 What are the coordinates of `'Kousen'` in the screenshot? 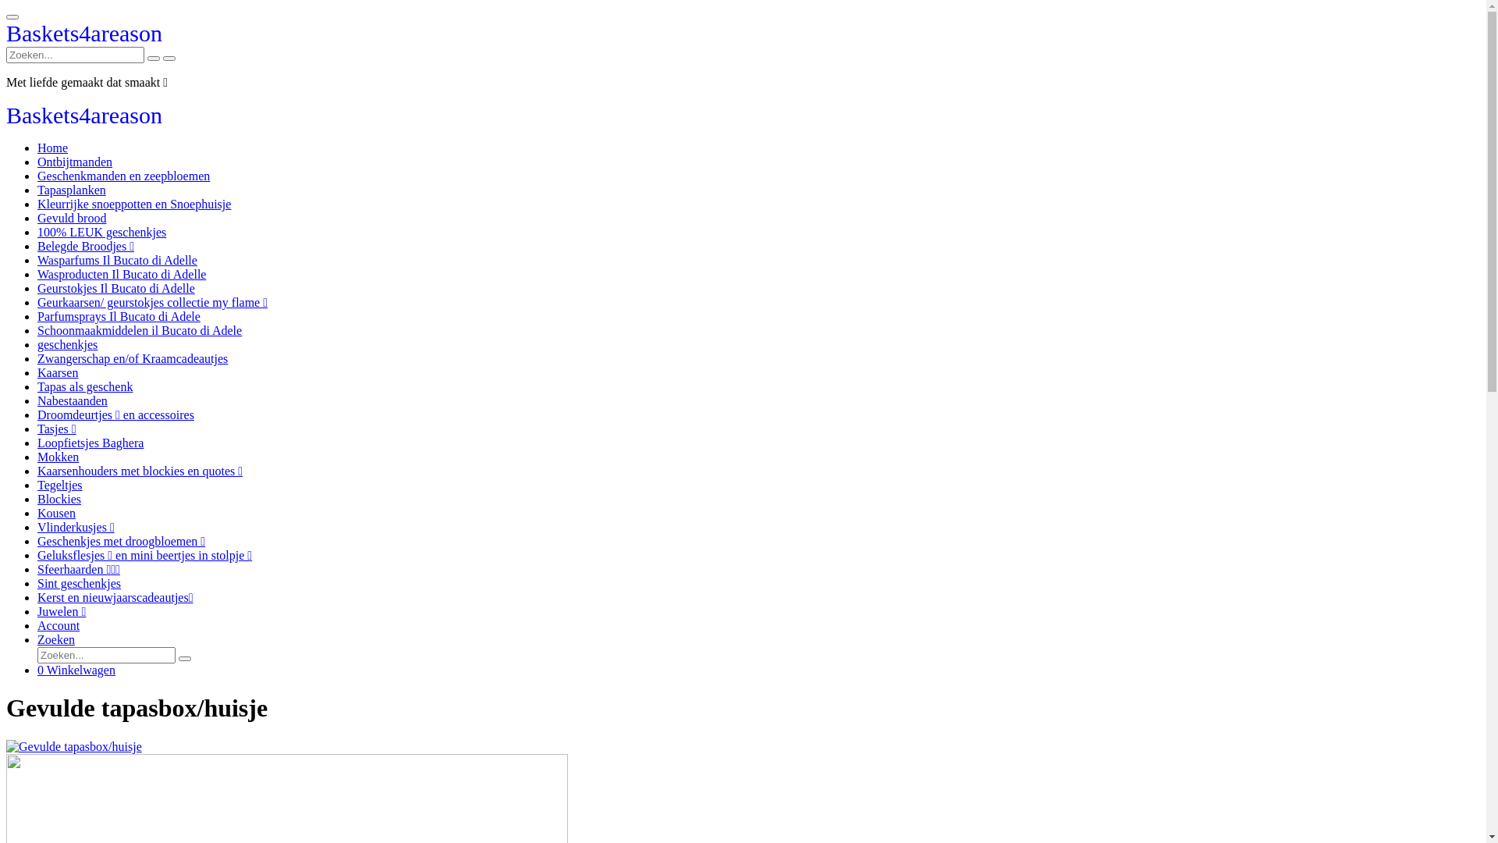 It's located at (56, 513).